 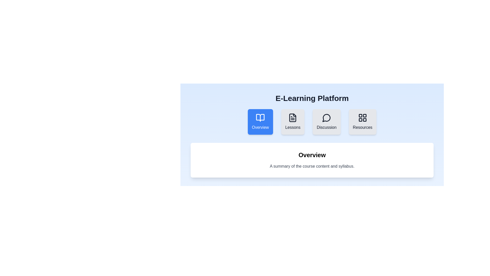 What do you see at coordinates (362, 122) in the screenshot?
I see `the Resources tab to switch to its content` at bounding box center [362, 122].